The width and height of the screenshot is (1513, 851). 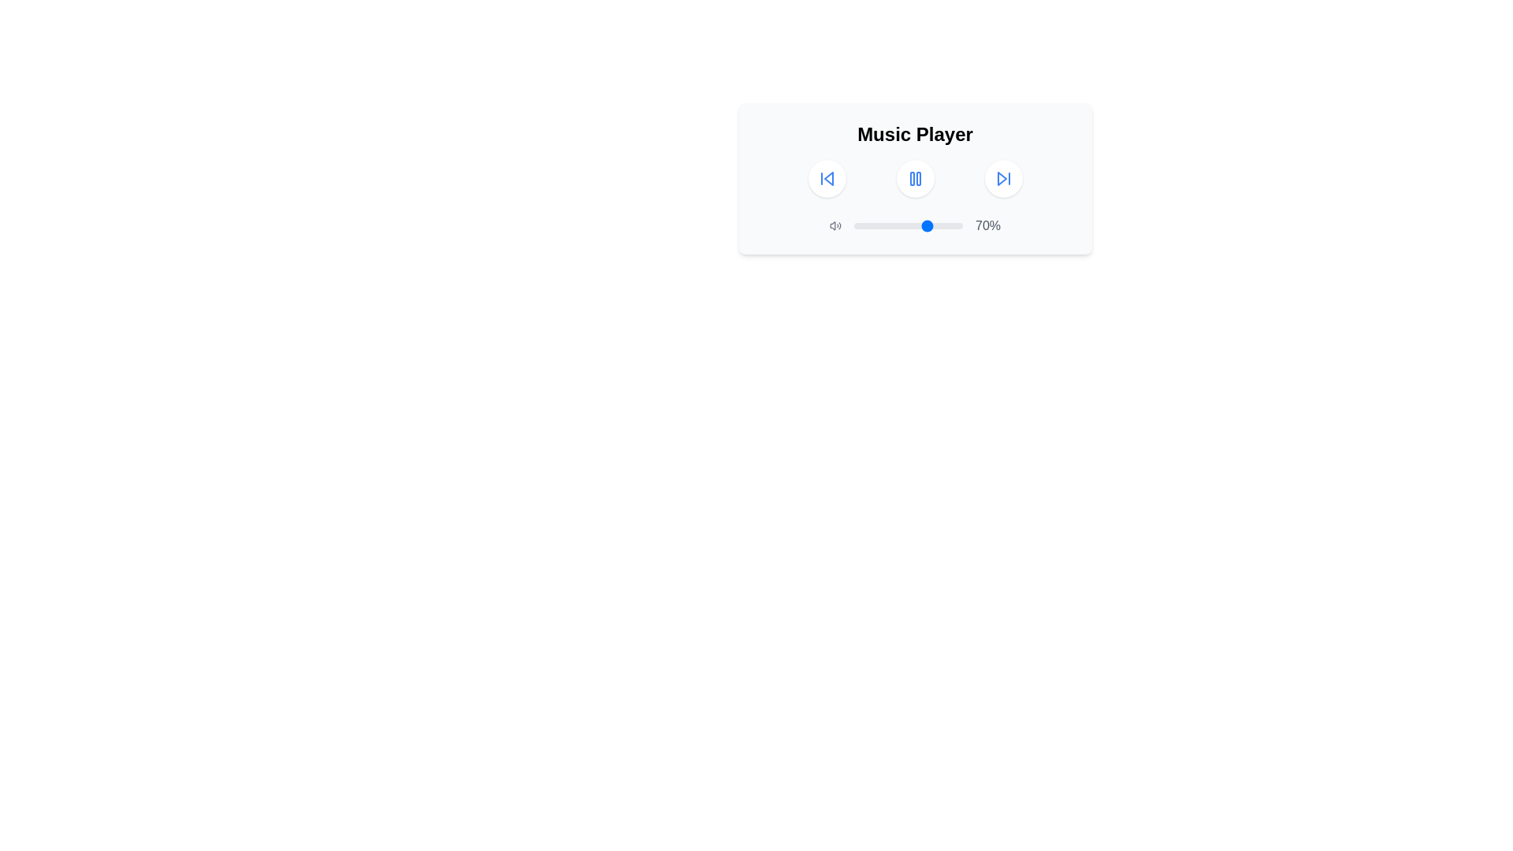 What do you see at coordinates (915, 178) in the screenshot?
I see `the pause button located between the previous and next track buttons in the music player interface` at bounding box center [915, 178].